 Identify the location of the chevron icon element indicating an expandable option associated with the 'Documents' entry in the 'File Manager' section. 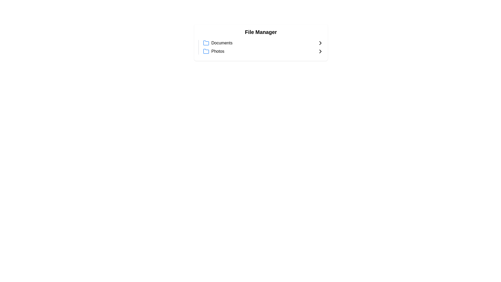
(320, 43).